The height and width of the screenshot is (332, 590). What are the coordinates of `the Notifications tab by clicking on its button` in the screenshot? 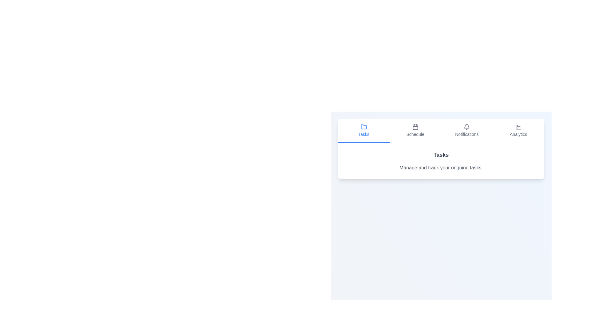 It's located at (467, 130).